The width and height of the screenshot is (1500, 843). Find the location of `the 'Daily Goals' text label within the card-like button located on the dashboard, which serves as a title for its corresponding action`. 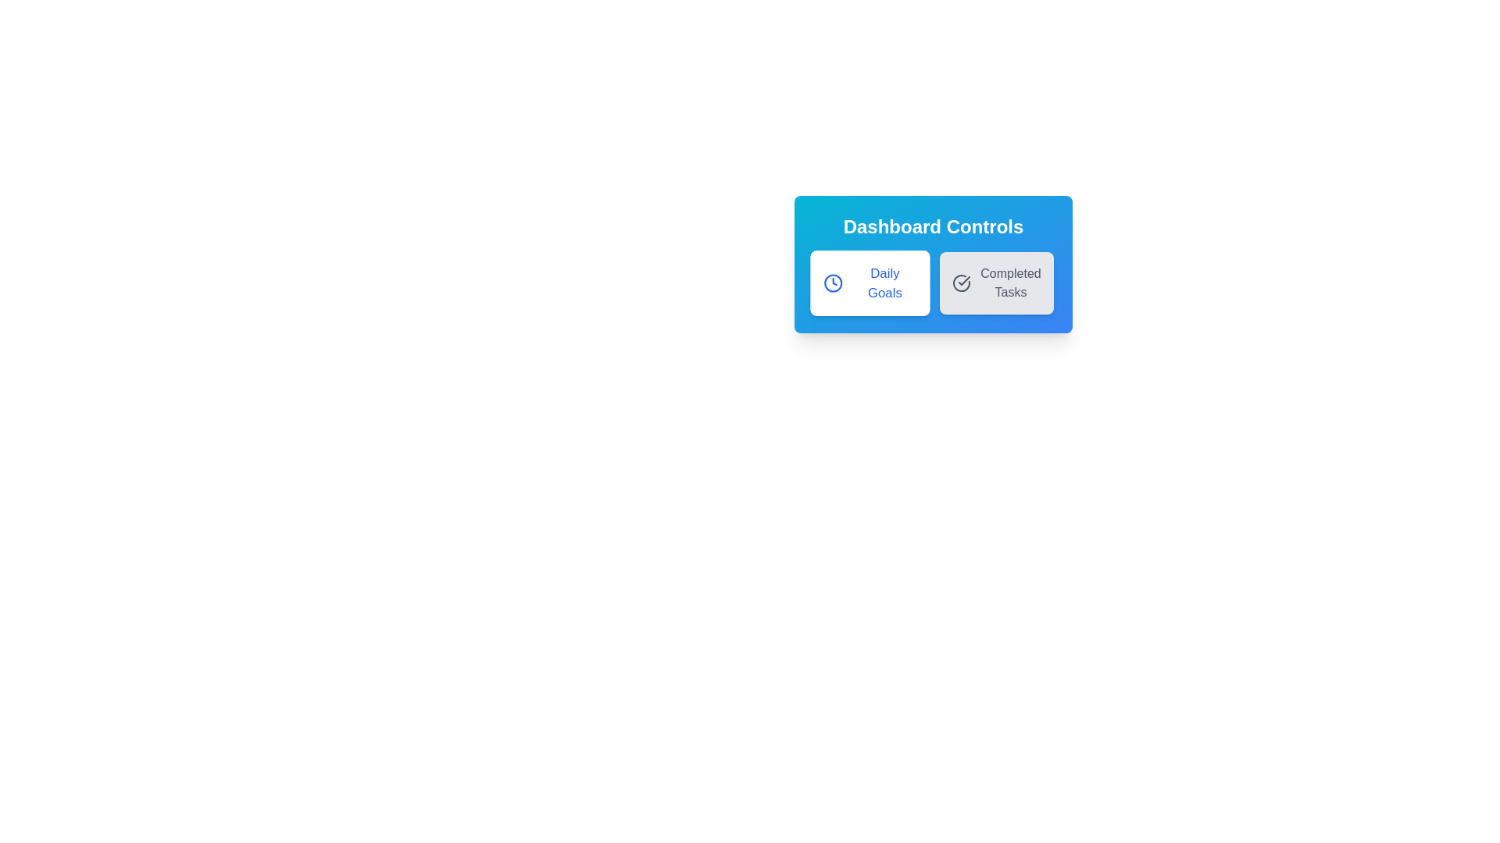

the 'Daily Goals' text label within the card-like button located on the dashboard, which serves as a title for its corresponding action is located at coordinates (884, 283).